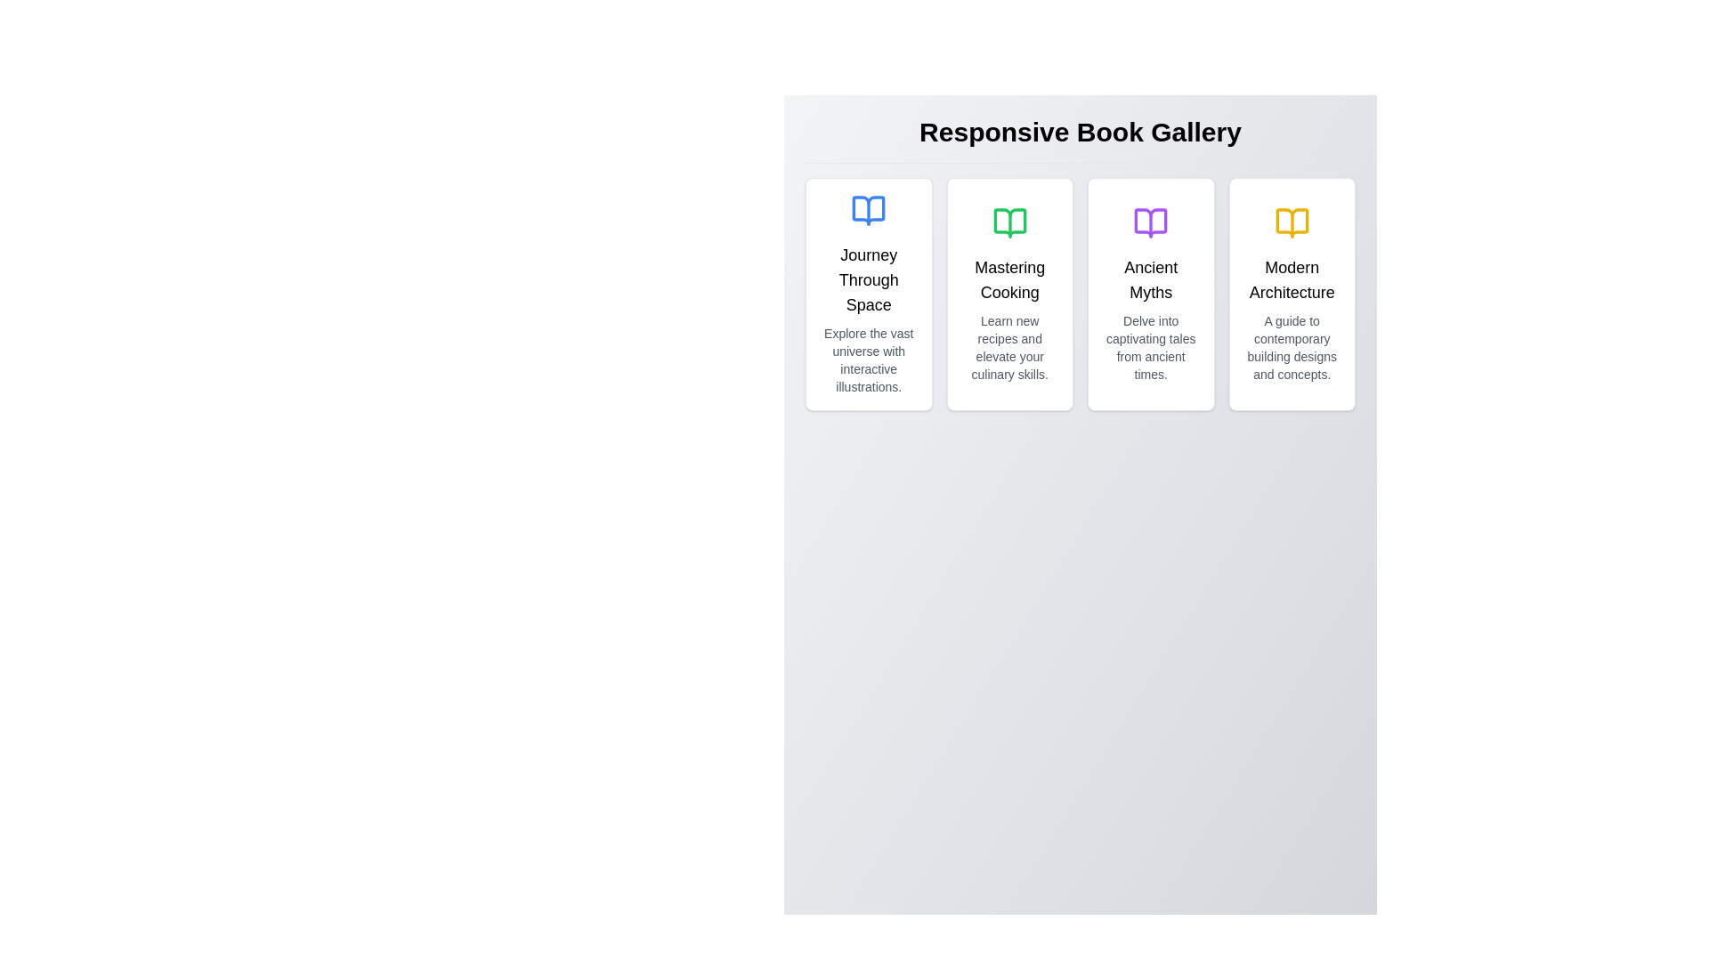 The image size is (1709, 961). What do you see at coordinates (1151, 222) in the screenshot?
I see `the book icon representing 'Ancient Myths' in the third card of a four-card layout` at bounding box center [1151, 222].